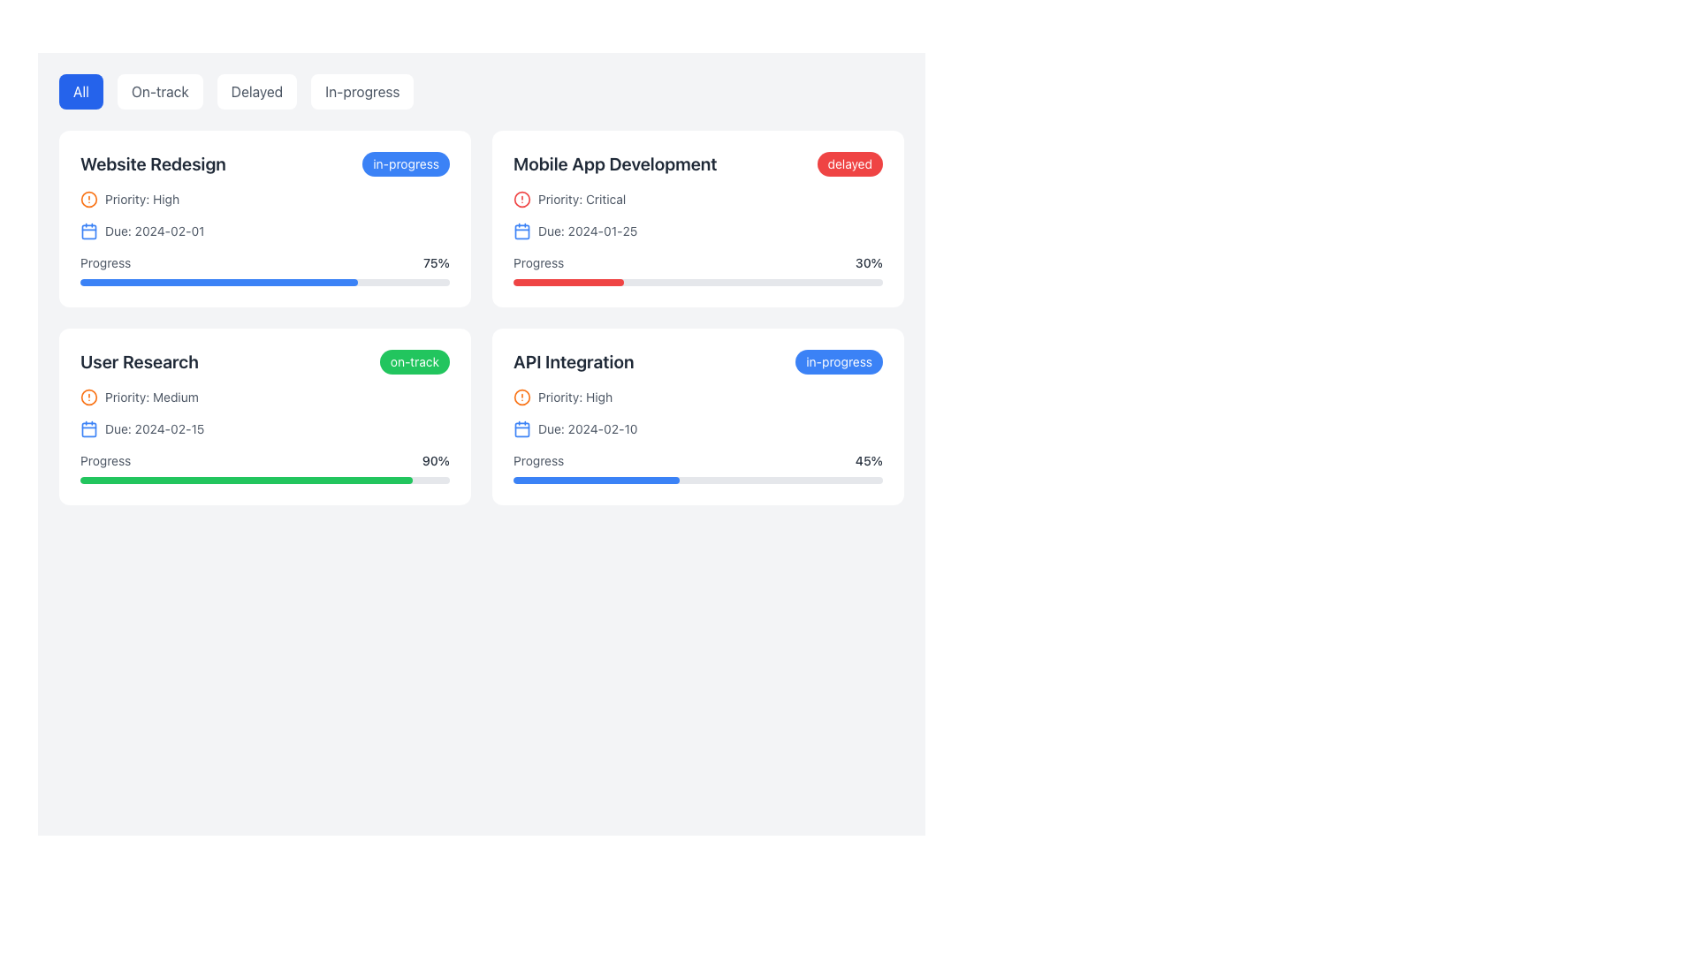 The height and width of the screenshot is (954, 1697). I want to click on the decorative graphical element of the calendar icon located in the bottom left region, adjacent to the due date '2024-02-15' within the 'User Research' card, so click(88, 429).